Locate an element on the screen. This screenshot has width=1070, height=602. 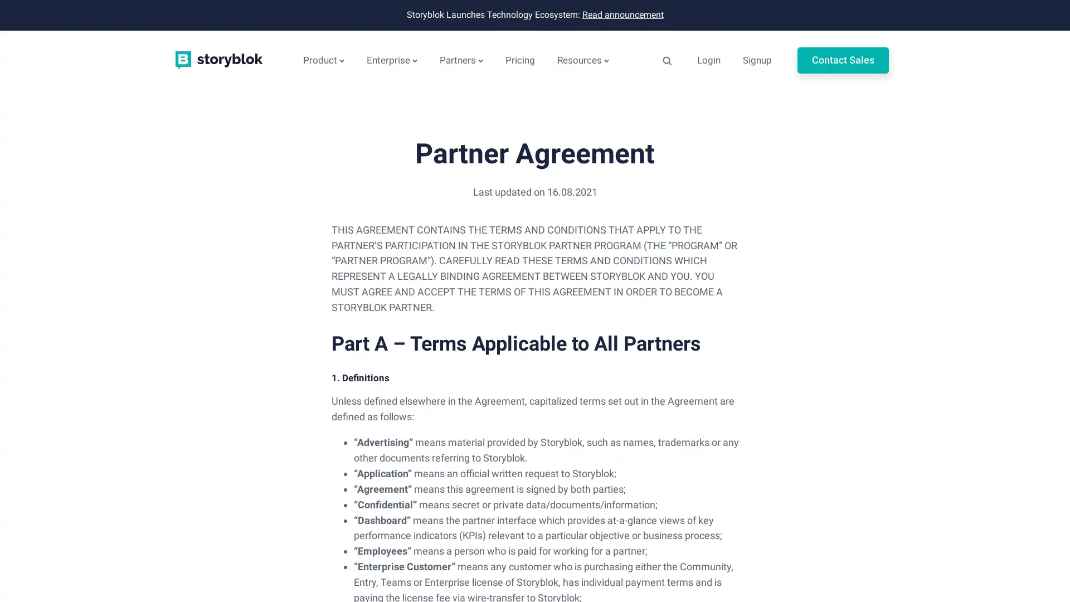
Partners is located at coordinates (461, 60).